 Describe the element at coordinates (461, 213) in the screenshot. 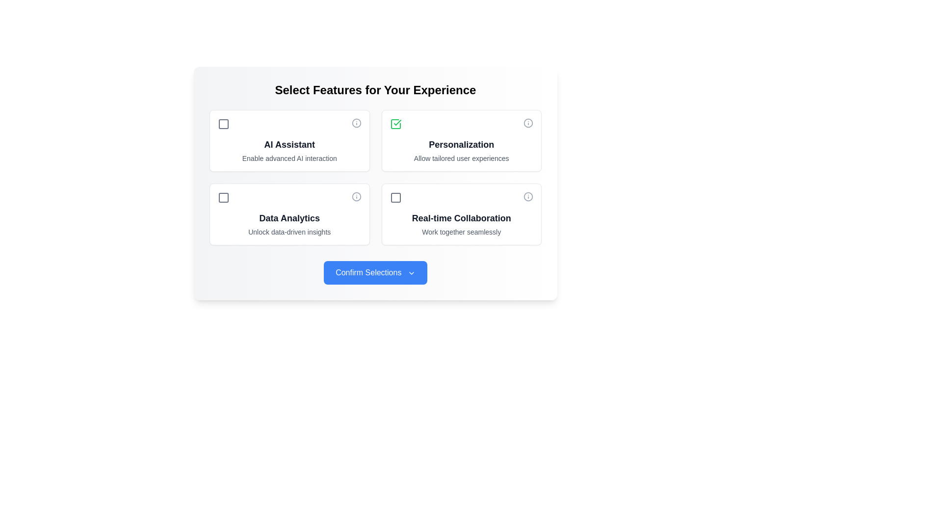

I see `the checkbox for the 'Real-time Collaboration' option located in the bottom-right cell of the grid` at that location.